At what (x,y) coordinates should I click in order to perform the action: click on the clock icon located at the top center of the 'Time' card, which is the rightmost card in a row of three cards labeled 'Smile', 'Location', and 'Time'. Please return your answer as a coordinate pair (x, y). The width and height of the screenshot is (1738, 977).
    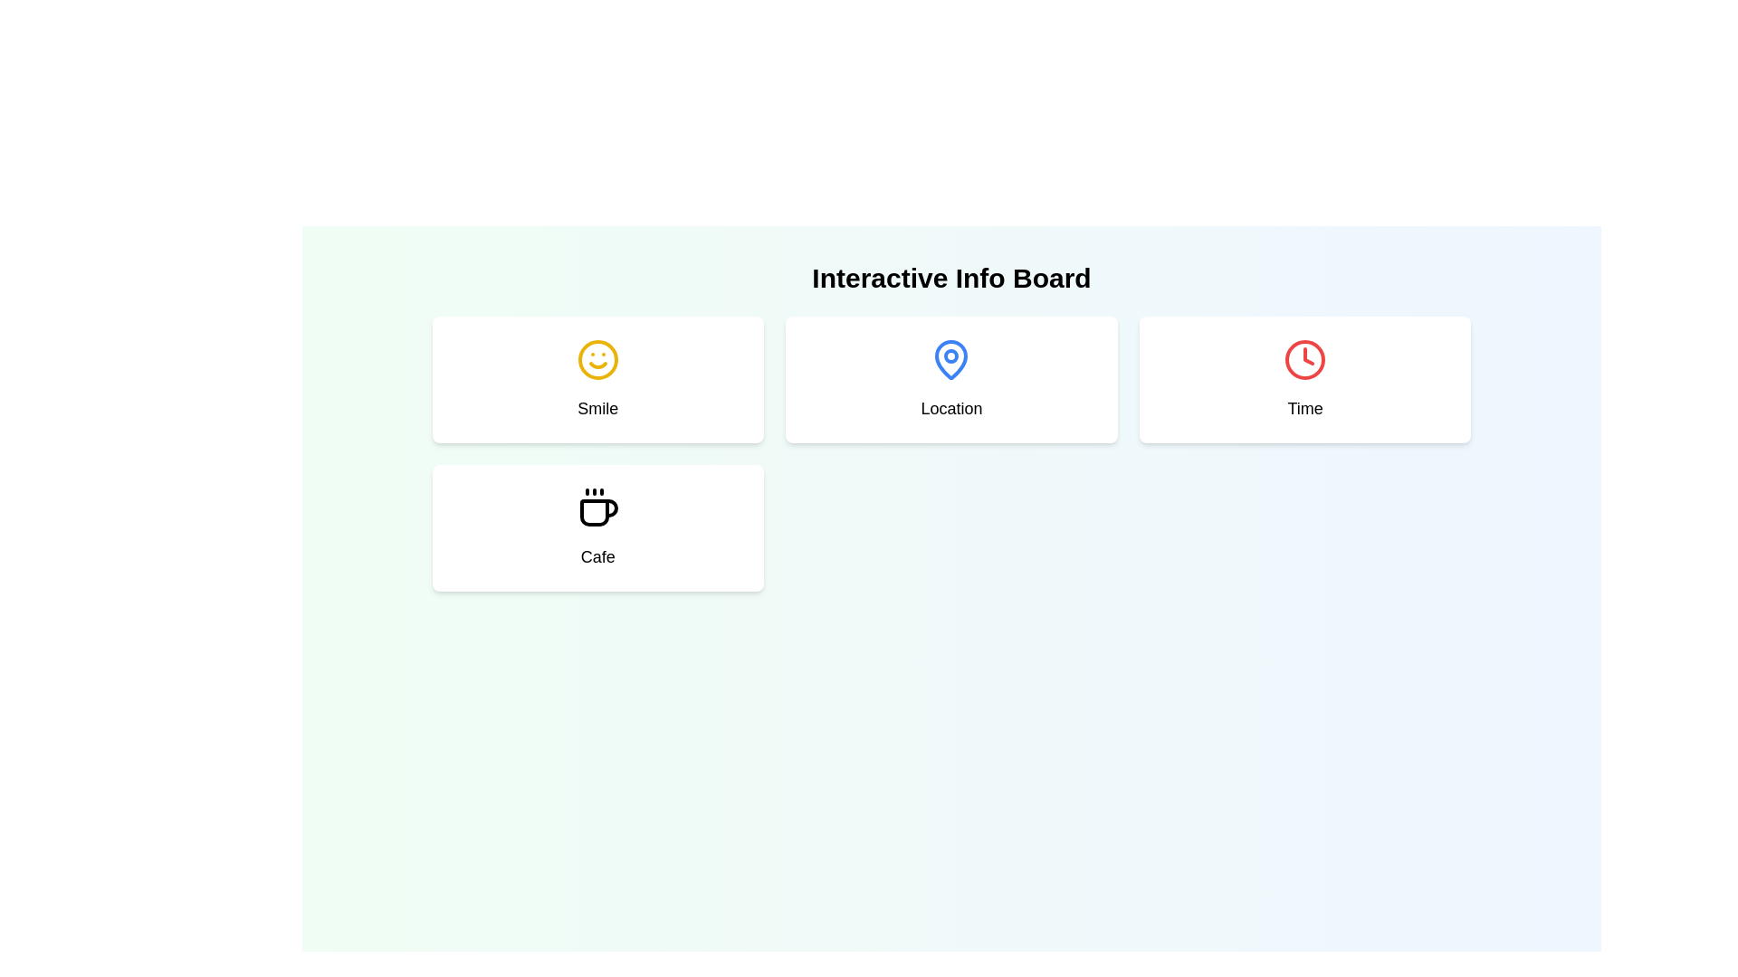
    Looking at the image, I should click on (1305, 359).